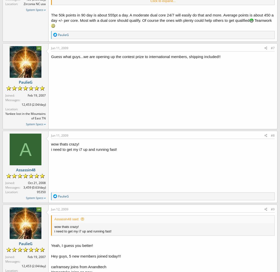 The width and height of the screenshot is (280, 272). I want to click on 'Yankee lost in the Mountains of East TN', so click(25, 116).